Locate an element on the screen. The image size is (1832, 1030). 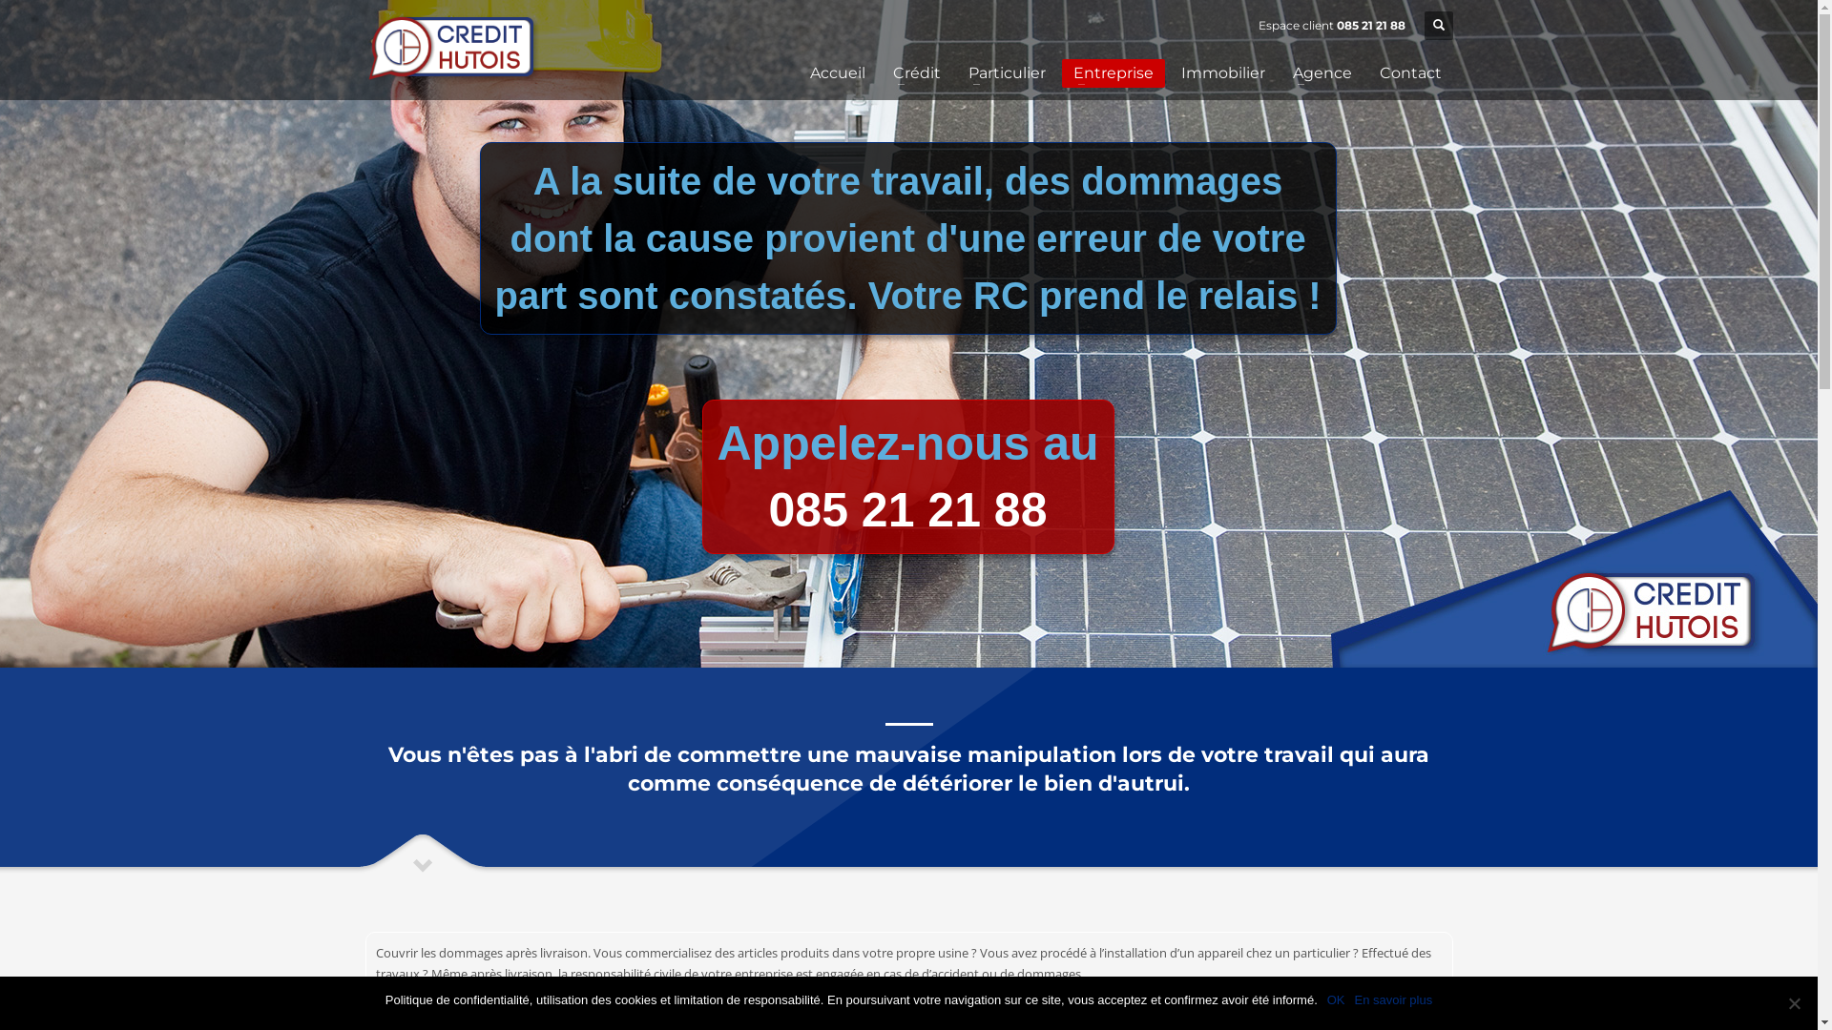
'Contact' is located at coordinates (1410, 72).